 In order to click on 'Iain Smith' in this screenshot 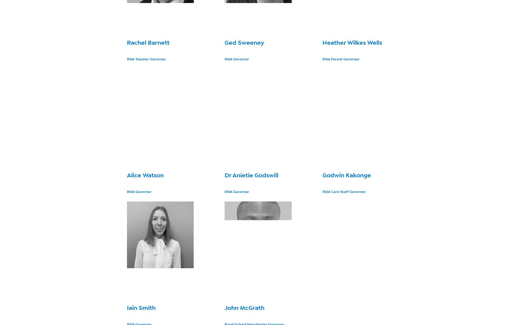, I will do `click(141, 307)`.